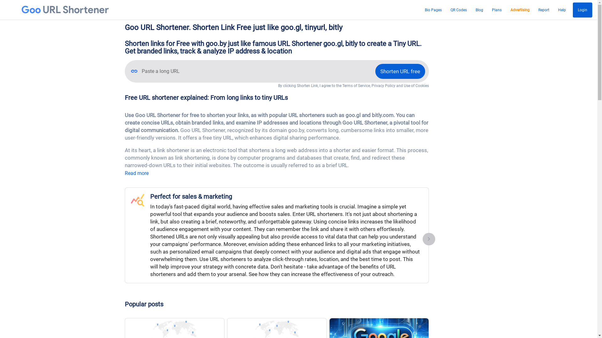  I want to click on 'Advertising', so click(520, 10).